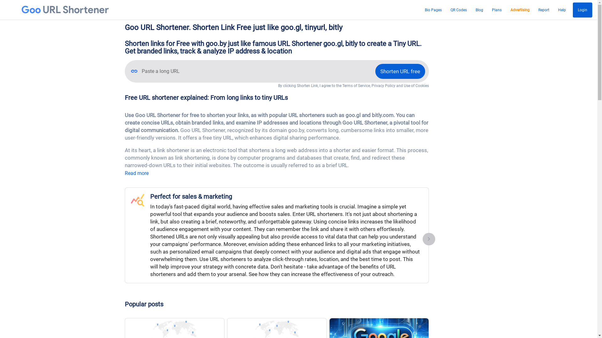  I want to click on 'Advertising', so click(520, 10).